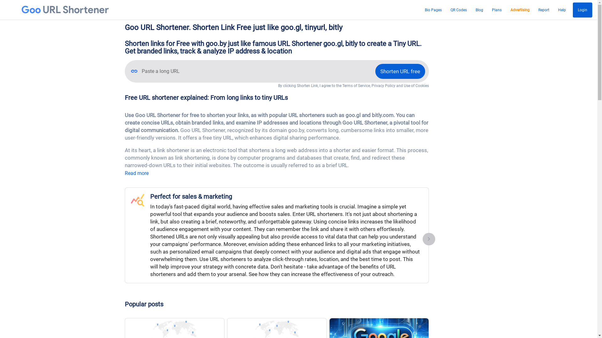  I want to click on 'Advertising', so click(520, 10).